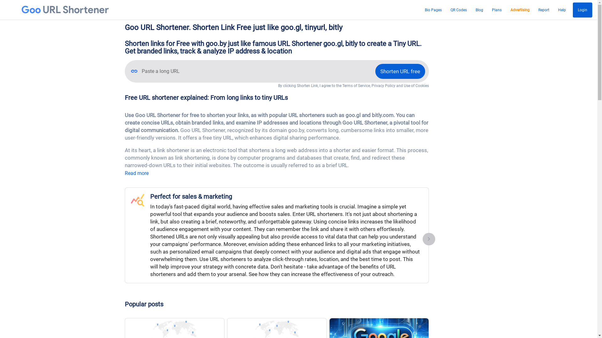  I want to click on 'Advertising', so click(520, 10).